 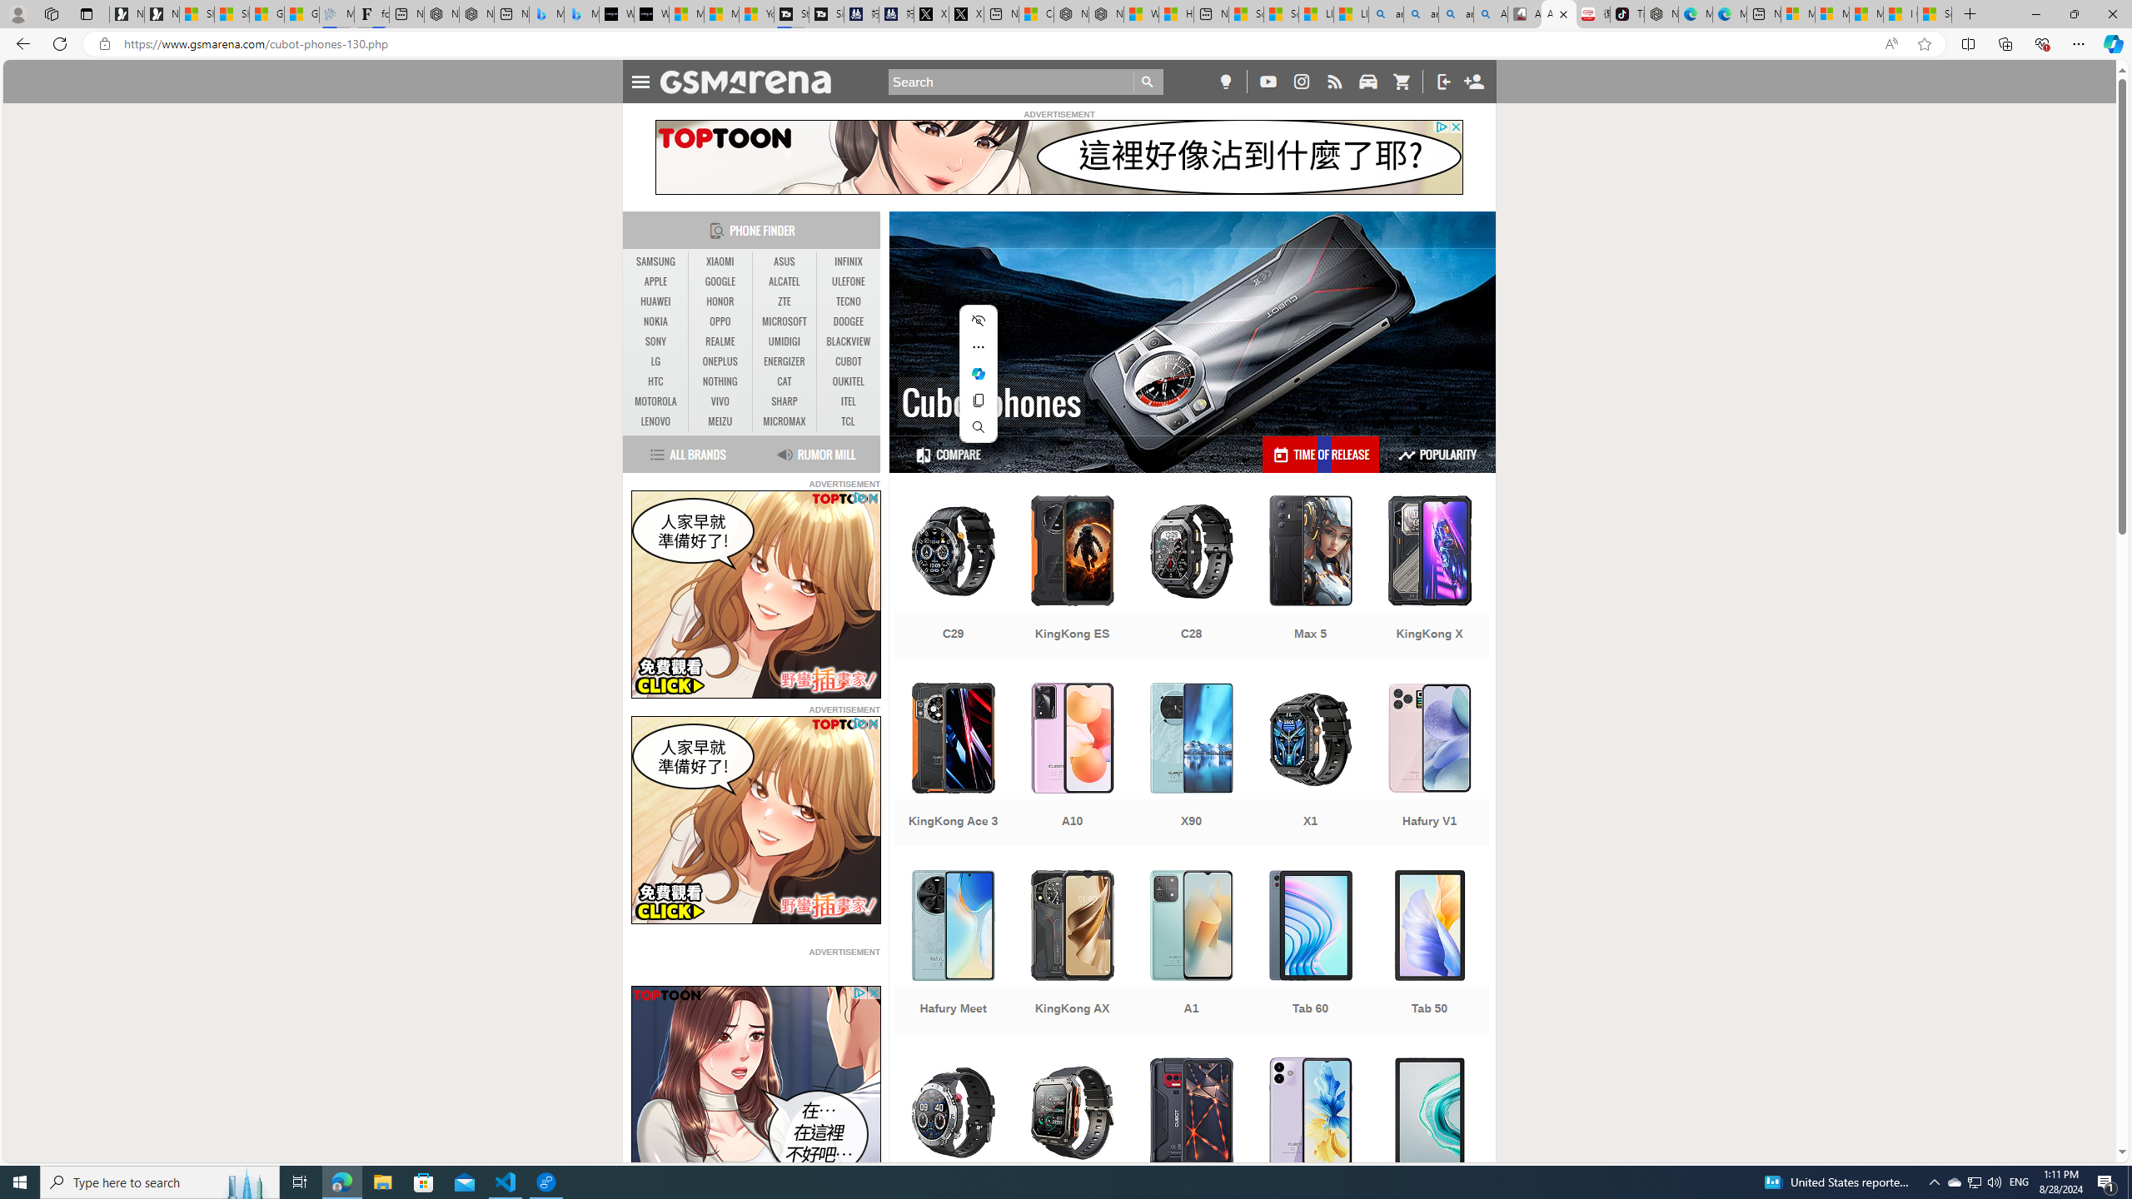 I want to click on 'amazon - Search', so click(x=1420, y=13).